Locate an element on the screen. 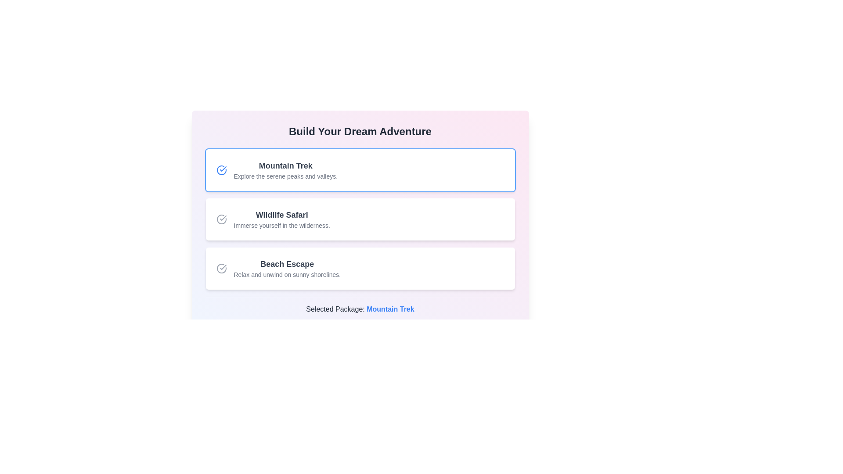 This screenshot has height=474, width=843. text label for the 'Mountain Trek' package option, which is located in the topmost rectangular option of the vertically stacked selection menu is located at coordinates (285, 166).